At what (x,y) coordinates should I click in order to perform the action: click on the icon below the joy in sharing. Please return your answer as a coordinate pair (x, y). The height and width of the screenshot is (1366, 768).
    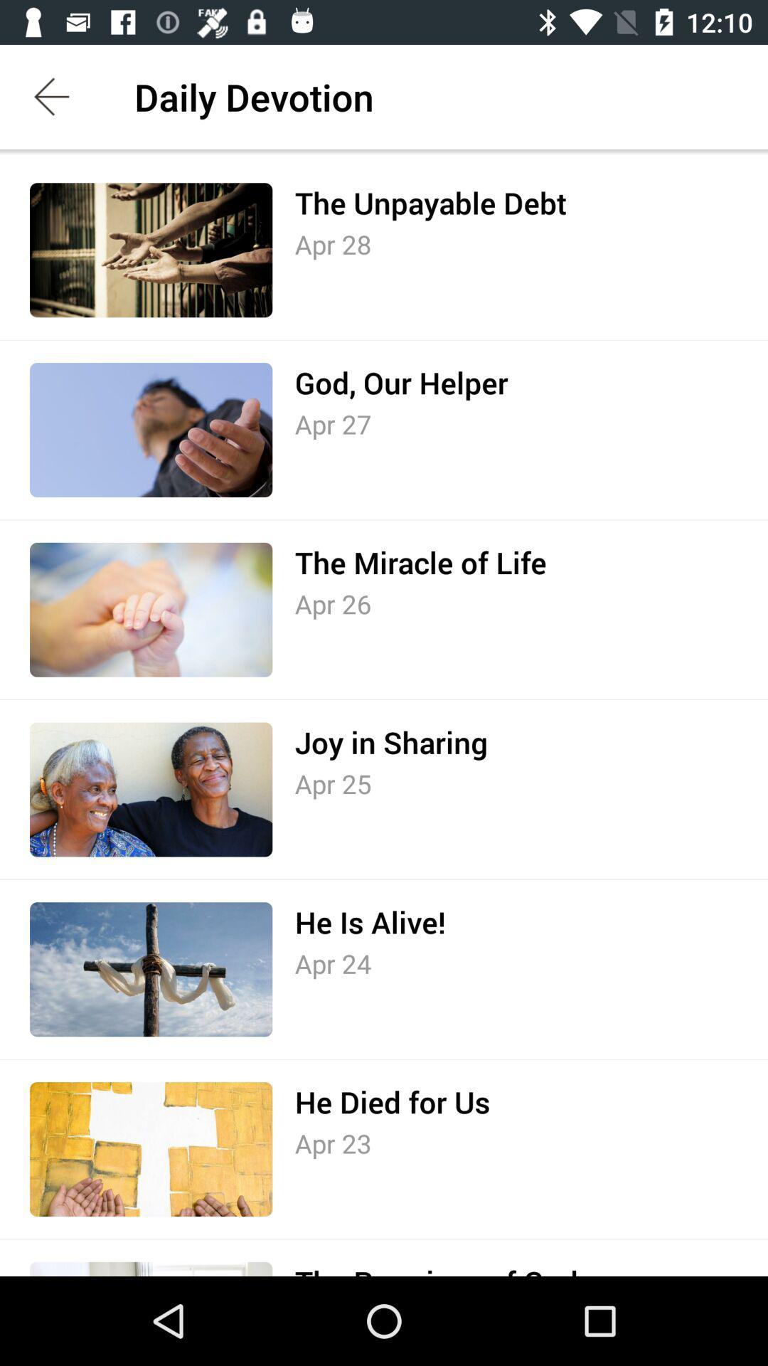
    Looking at the image, I should click on (333, 783).